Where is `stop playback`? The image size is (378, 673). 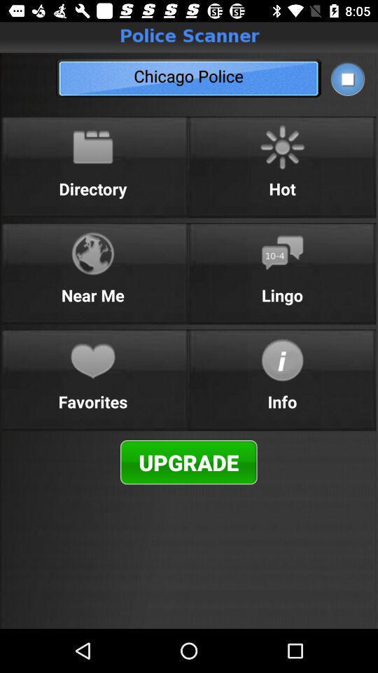
stop playback is located at coordinates (346, 79).